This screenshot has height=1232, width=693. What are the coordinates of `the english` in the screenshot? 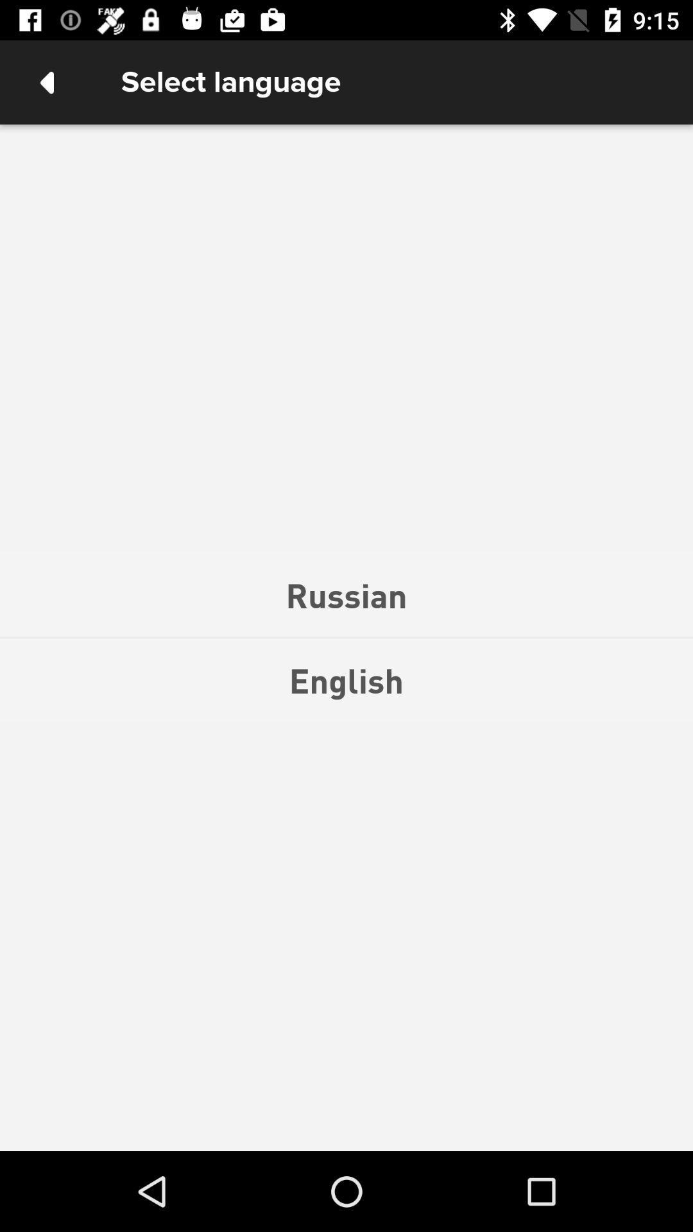 It's located at (346, 680).